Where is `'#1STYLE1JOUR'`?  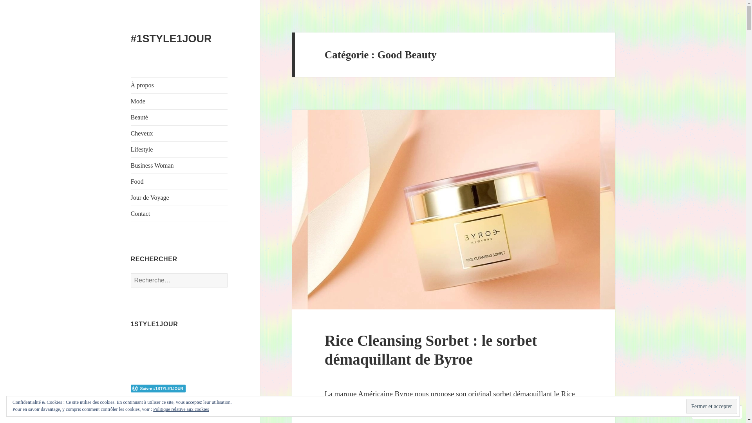
'#1STYLE1JOUR' is located at coordinates (171, 39).